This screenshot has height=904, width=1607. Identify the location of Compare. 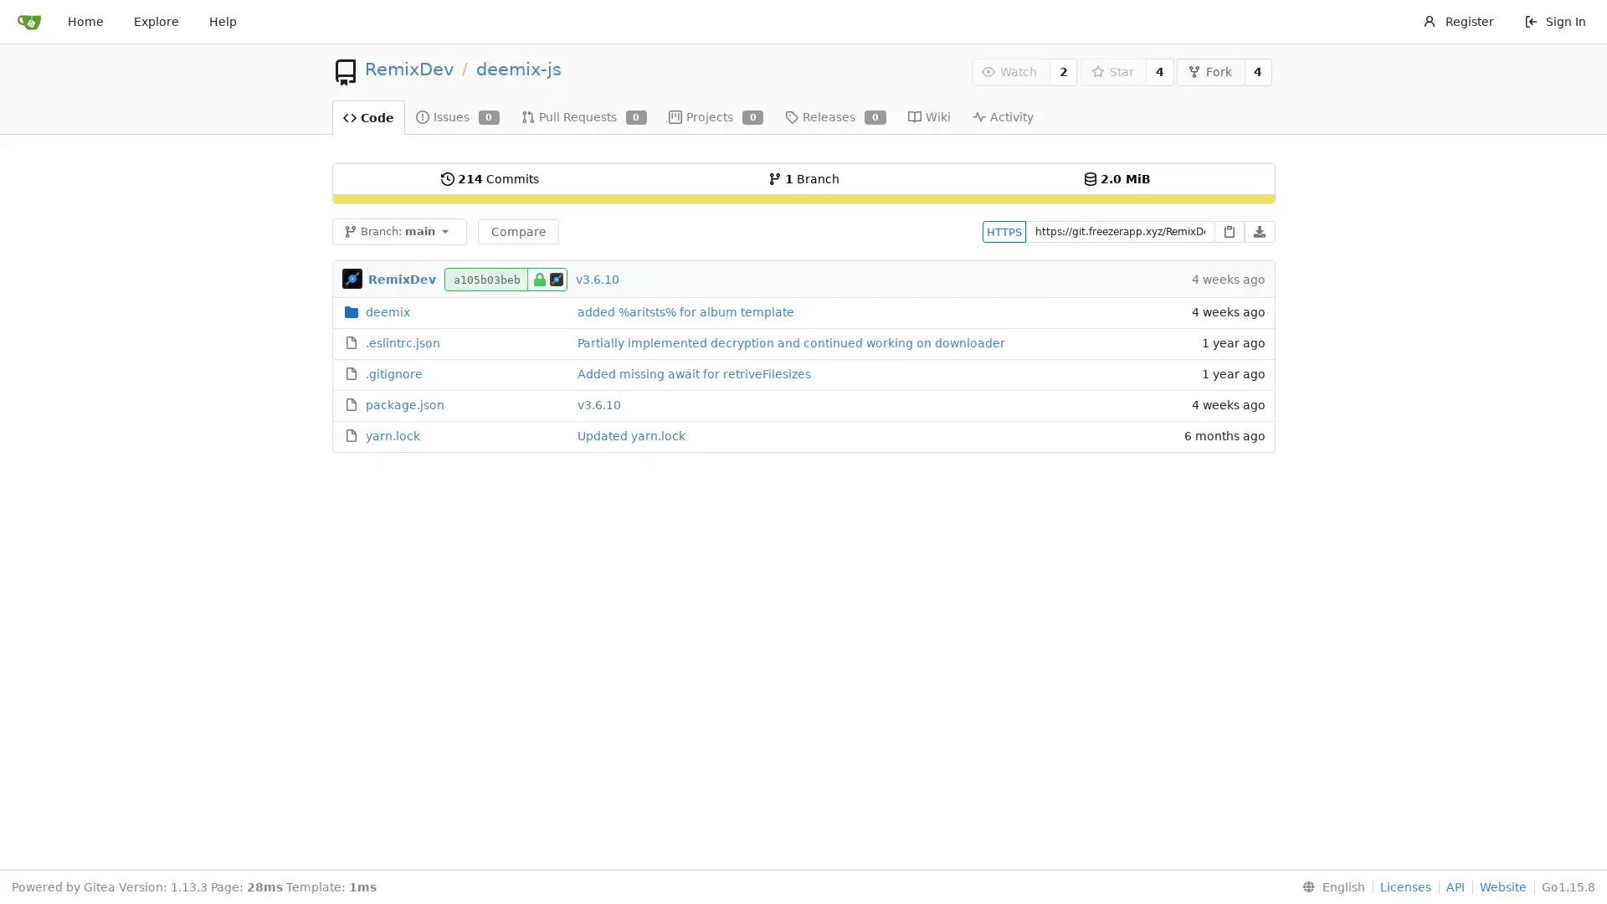
(517, 231).